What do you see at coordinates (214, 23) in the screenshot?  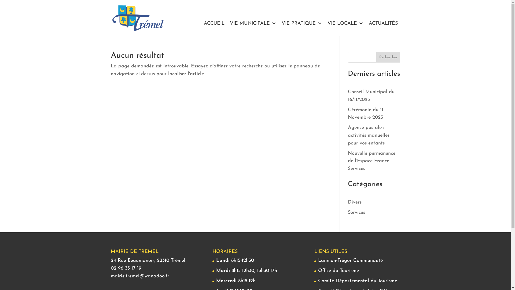 I see `'ACCUEIL'` at bounding box center [214, 23].